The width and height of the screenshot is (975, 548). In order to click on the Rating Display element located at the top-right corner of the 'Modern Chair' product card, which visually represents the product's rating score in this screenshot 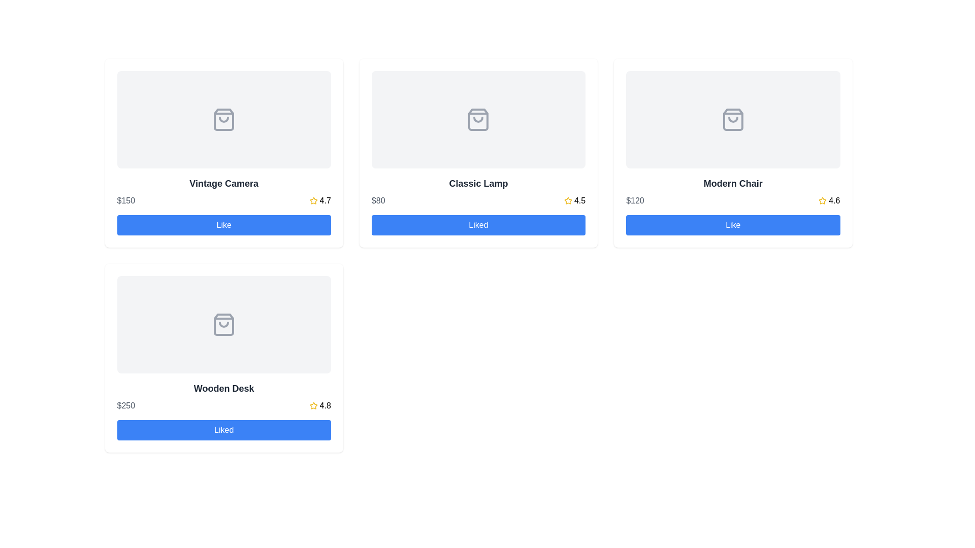, I will do `click(829, 201)`.